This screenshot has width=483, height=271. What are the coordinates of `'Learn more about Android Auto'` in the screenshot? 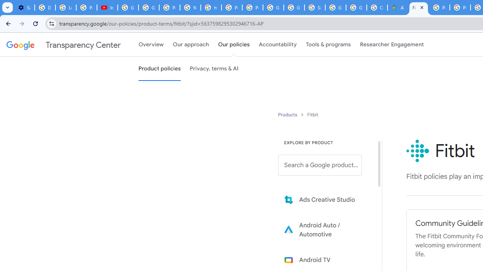 It's located at (325, 229).